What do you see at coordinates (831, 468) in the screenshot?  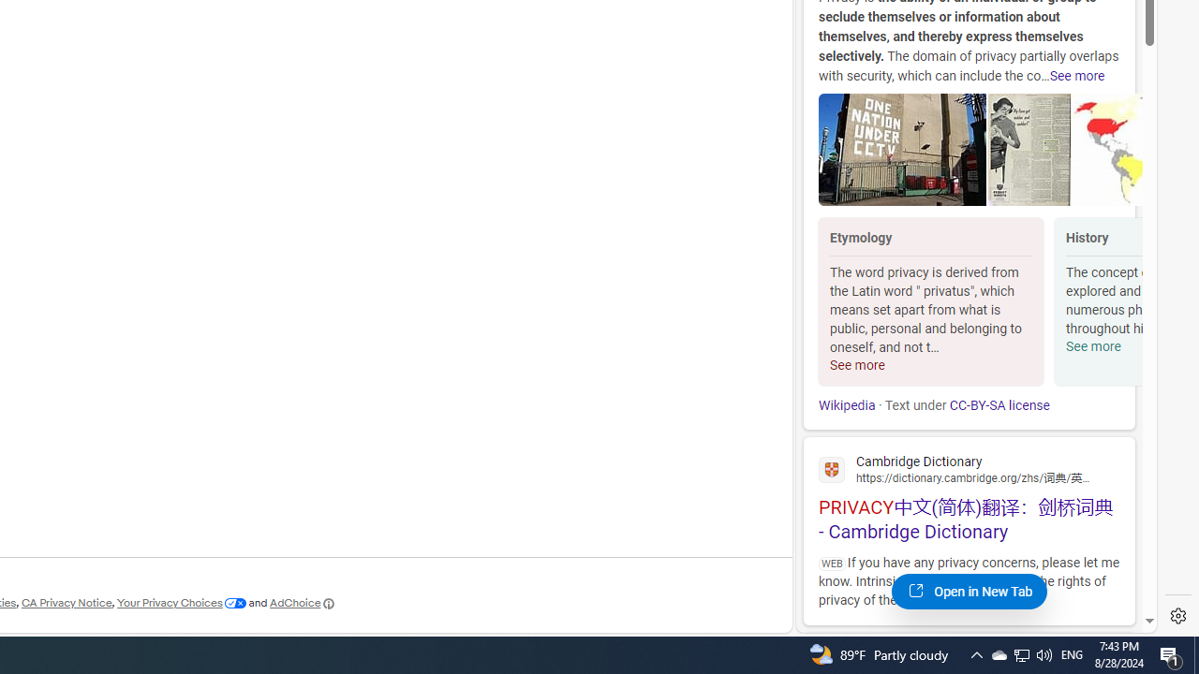 I see `'Global web icon'` at bounding box center [831, 468].